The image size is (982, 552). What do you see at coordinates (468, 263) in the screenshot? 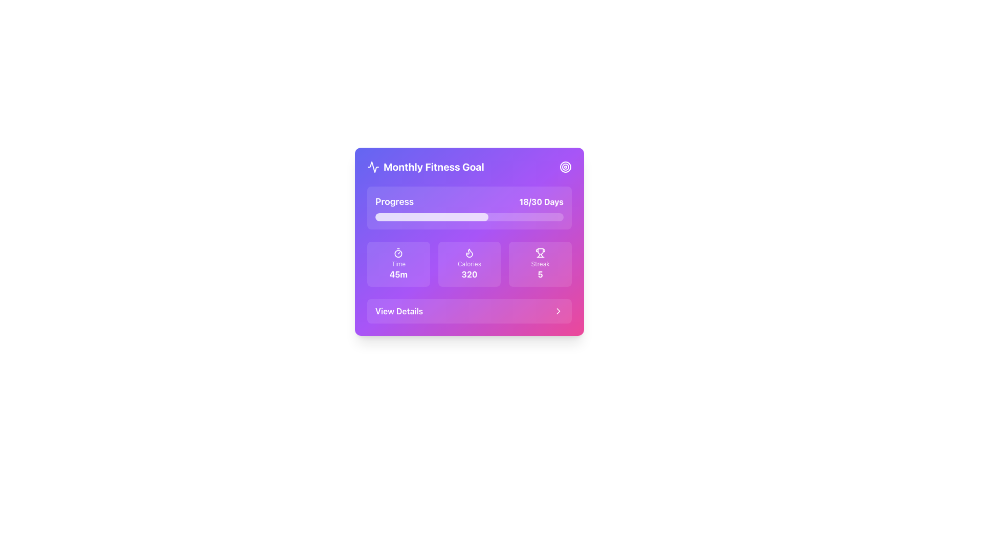
I see `the calorie consumption data displayed on the informational card-style element located centrally in the second column of the three-column grid layout` at bounding box center [468, 263].